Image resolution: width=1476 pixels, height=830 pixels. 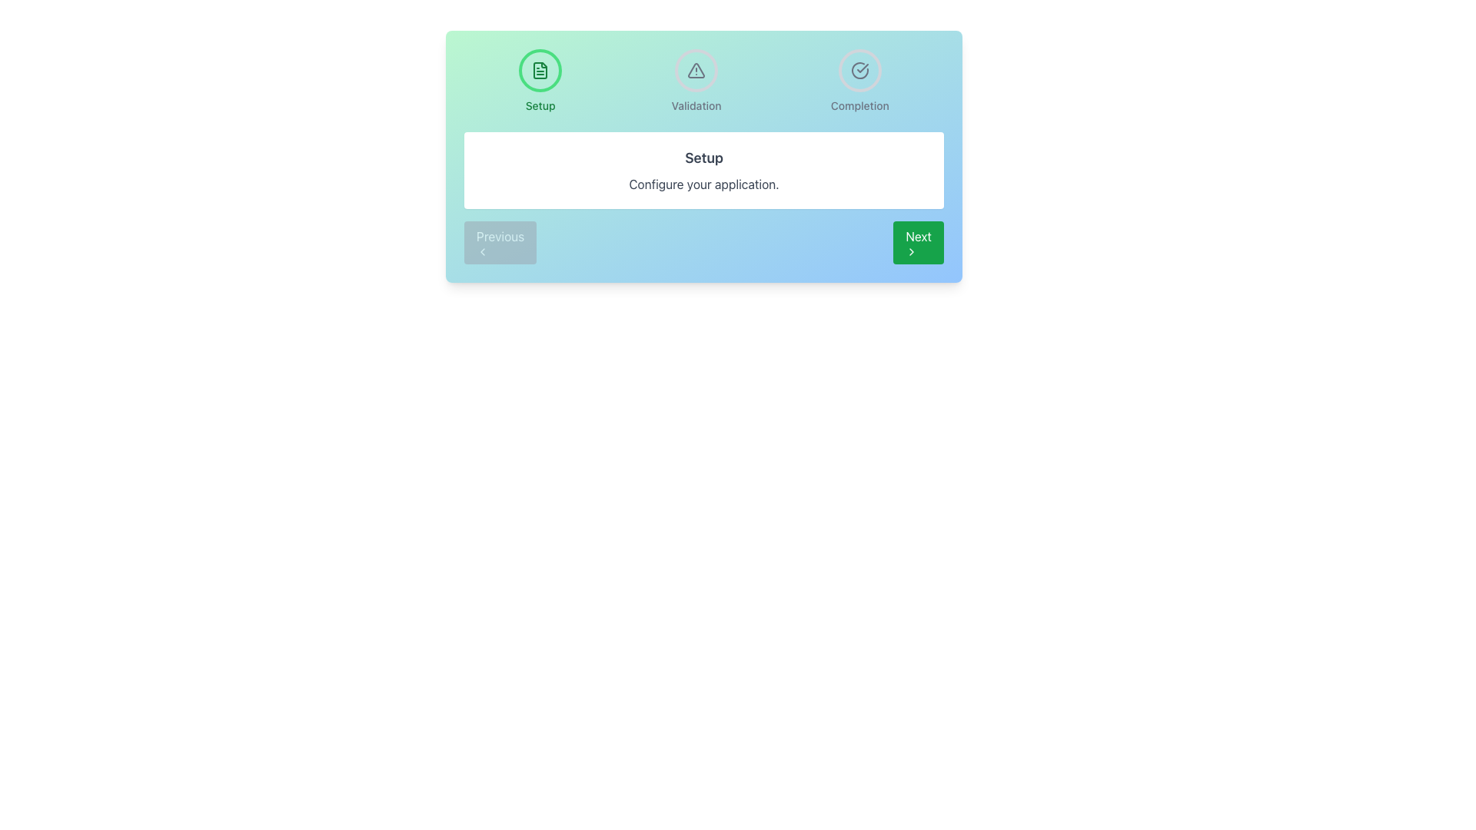 I want to click on the 'Completion' text label, which is styled in gray and located below a circular check mark icon in a vertically stacked group, so click(x=859, y=105).